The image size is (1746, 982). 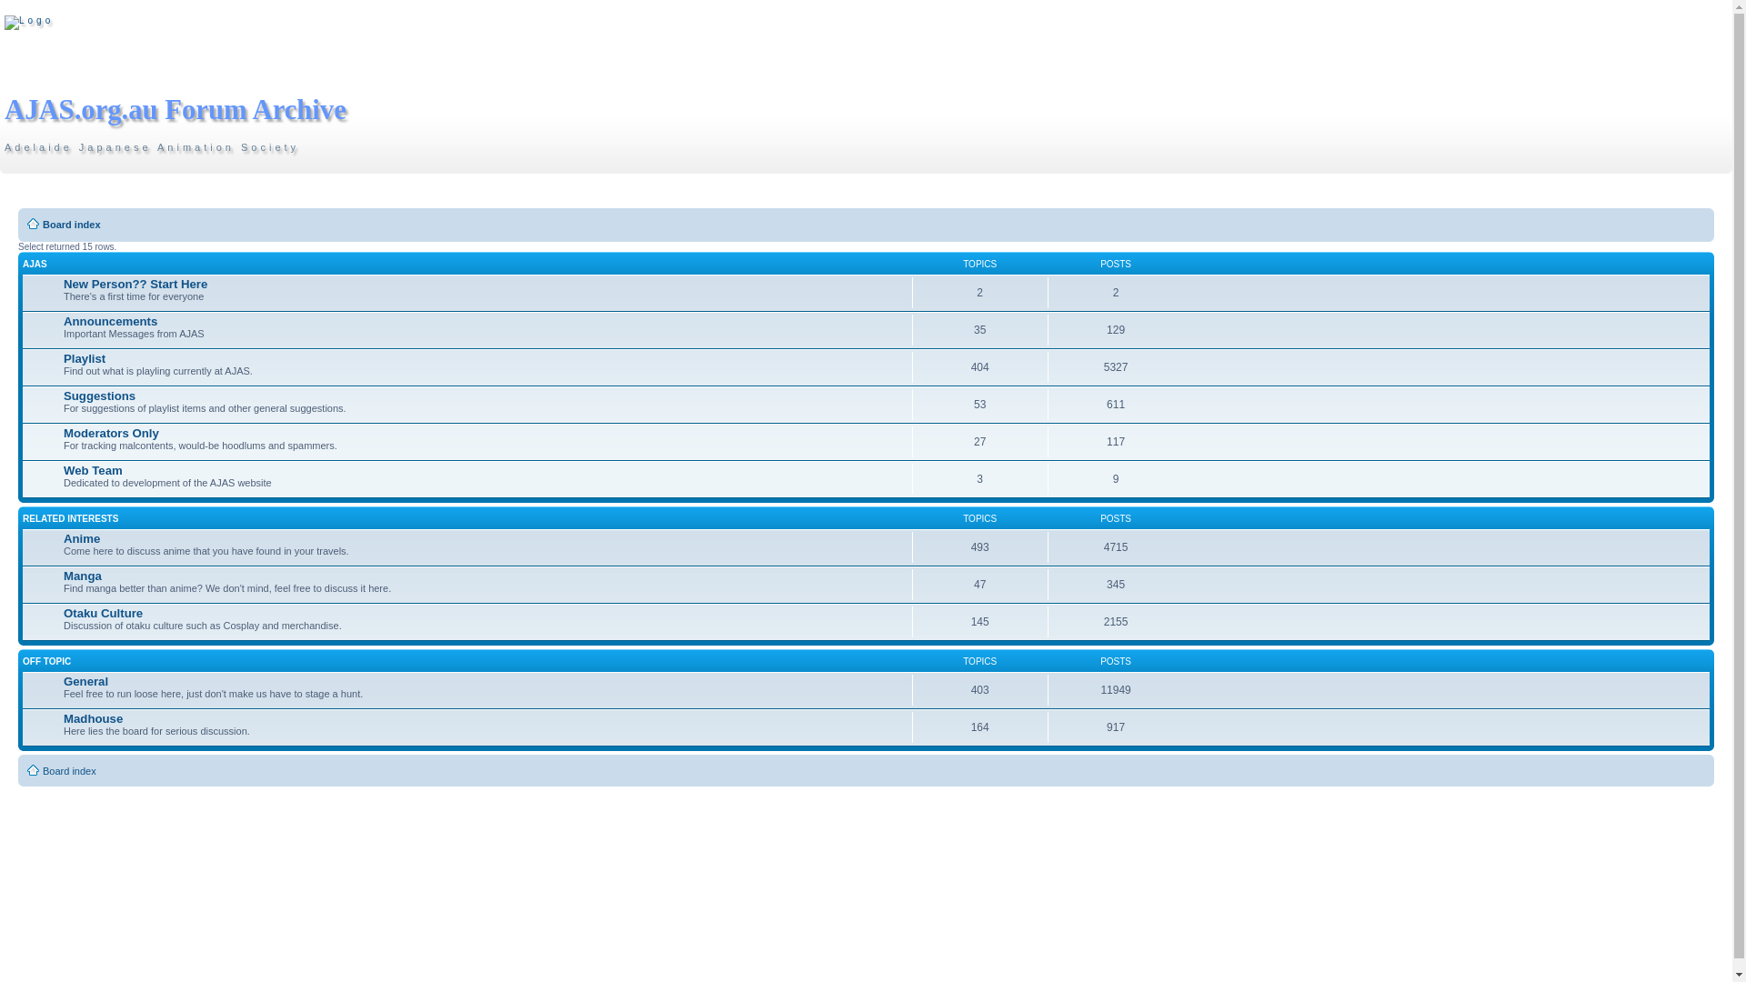 What do you see at coordinates (71, 223) in the screenshot?
I see `'Board index'` at bounding box center [71, 223].